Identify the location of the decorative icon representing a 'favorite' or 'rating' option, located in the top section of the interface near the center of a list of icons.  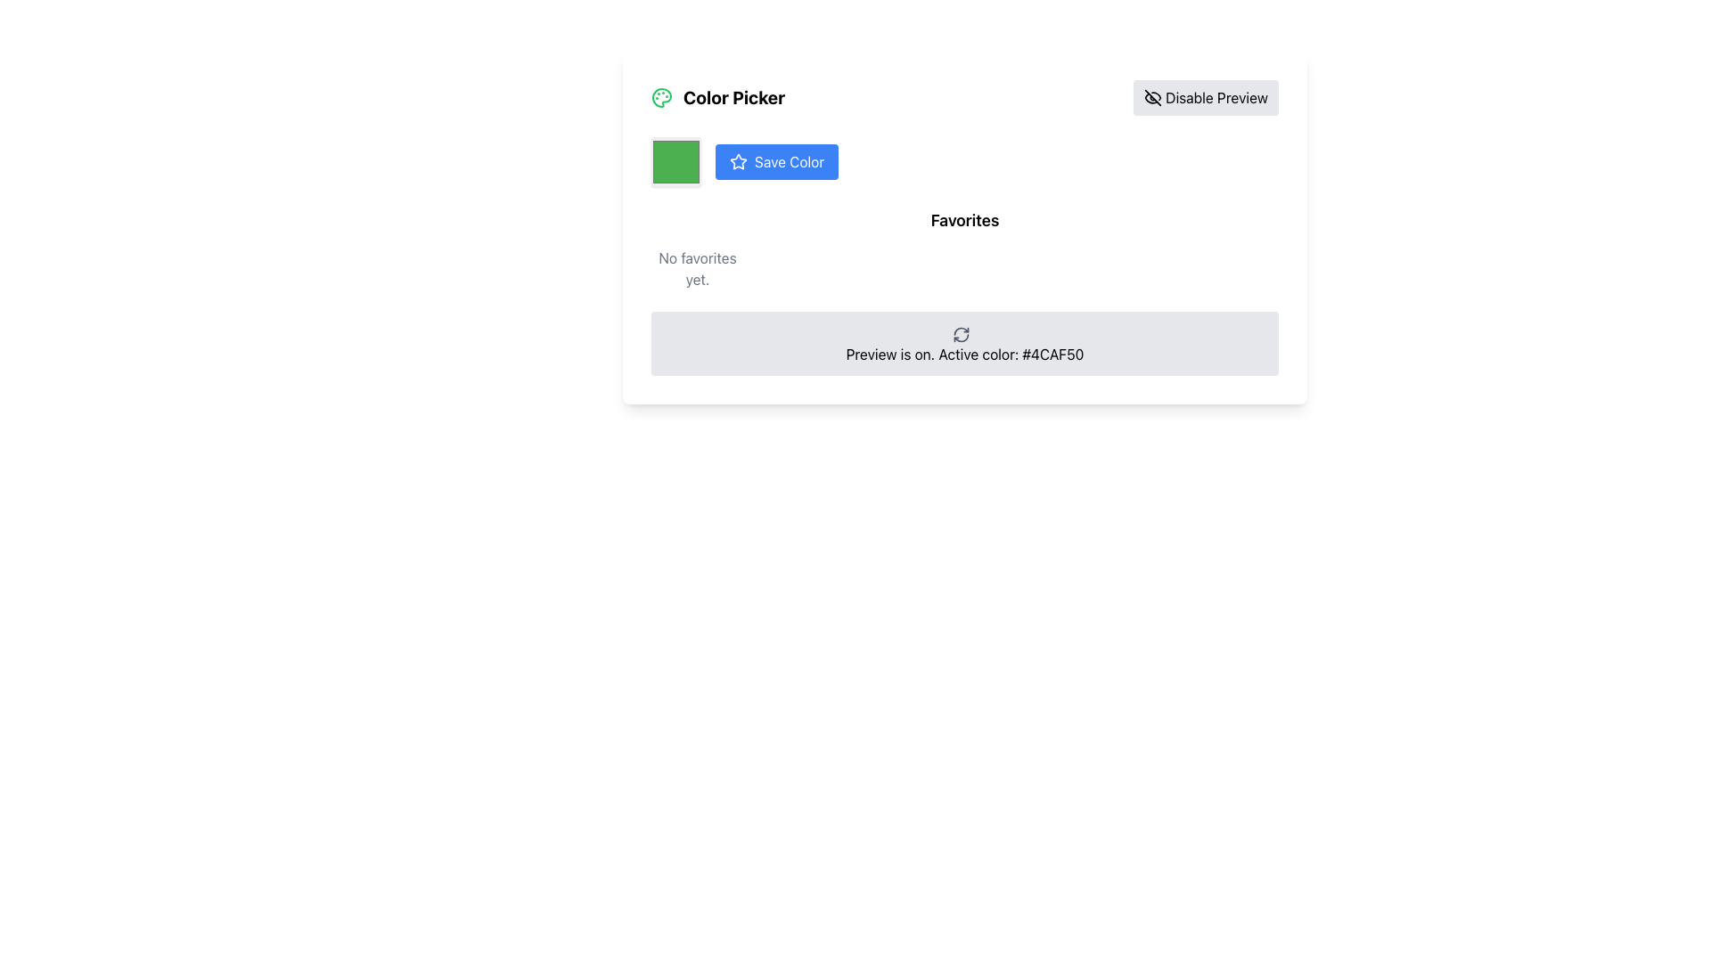
(739, 161).